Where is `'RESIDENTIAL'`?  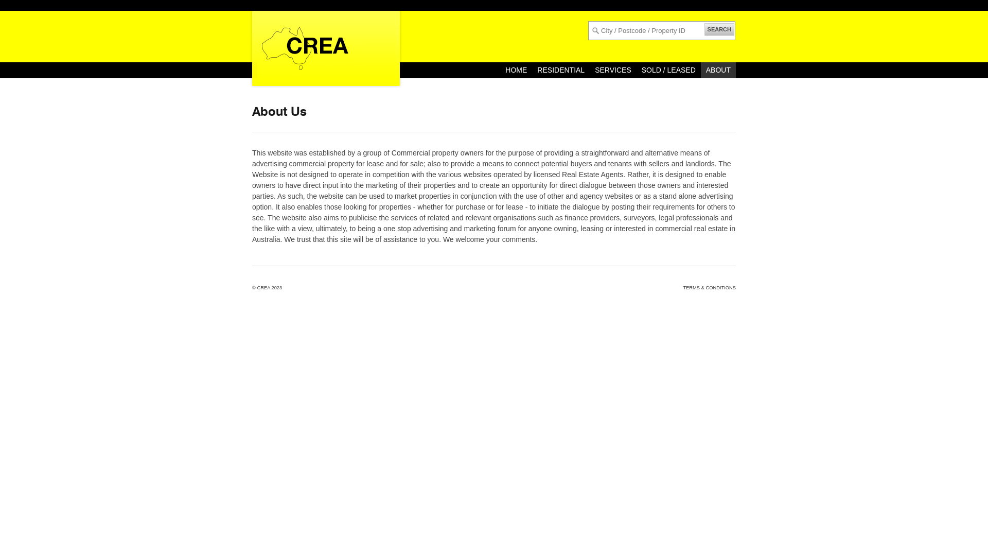 'RESIDENTIAL' is located at coordinates (560, 69).